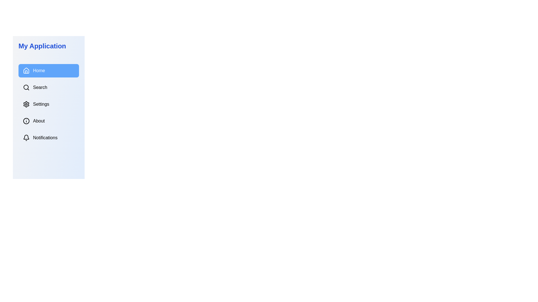  What do you see at coordinates (48, 121) in the screenshot?
I see `the 'About' menu item located fourth in the vertical navigation menu, positioned between 'Settings' and 'Notifications'` at bounding box center [48, 121].